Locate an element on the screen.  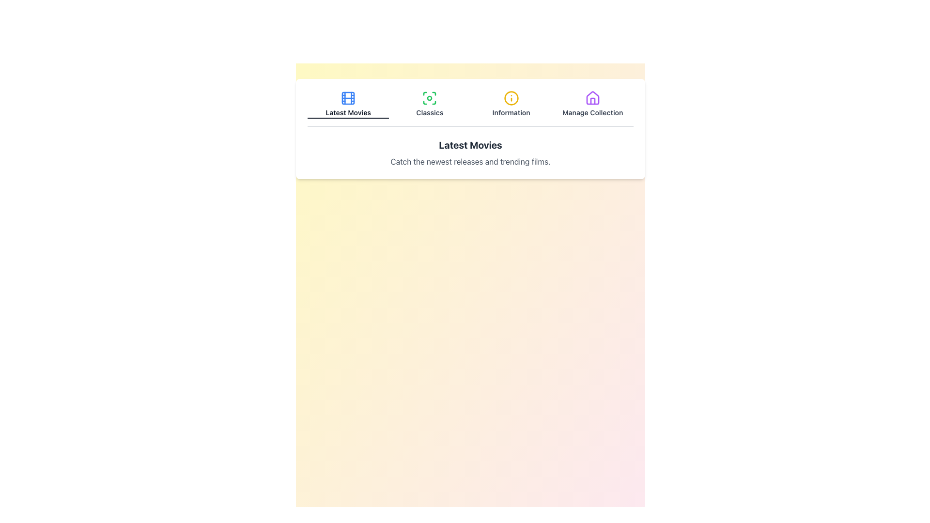
the blue film reel icon button labeled 'Latest Movies' to trigger the tooltip effect is located at coordinates (348, 105).